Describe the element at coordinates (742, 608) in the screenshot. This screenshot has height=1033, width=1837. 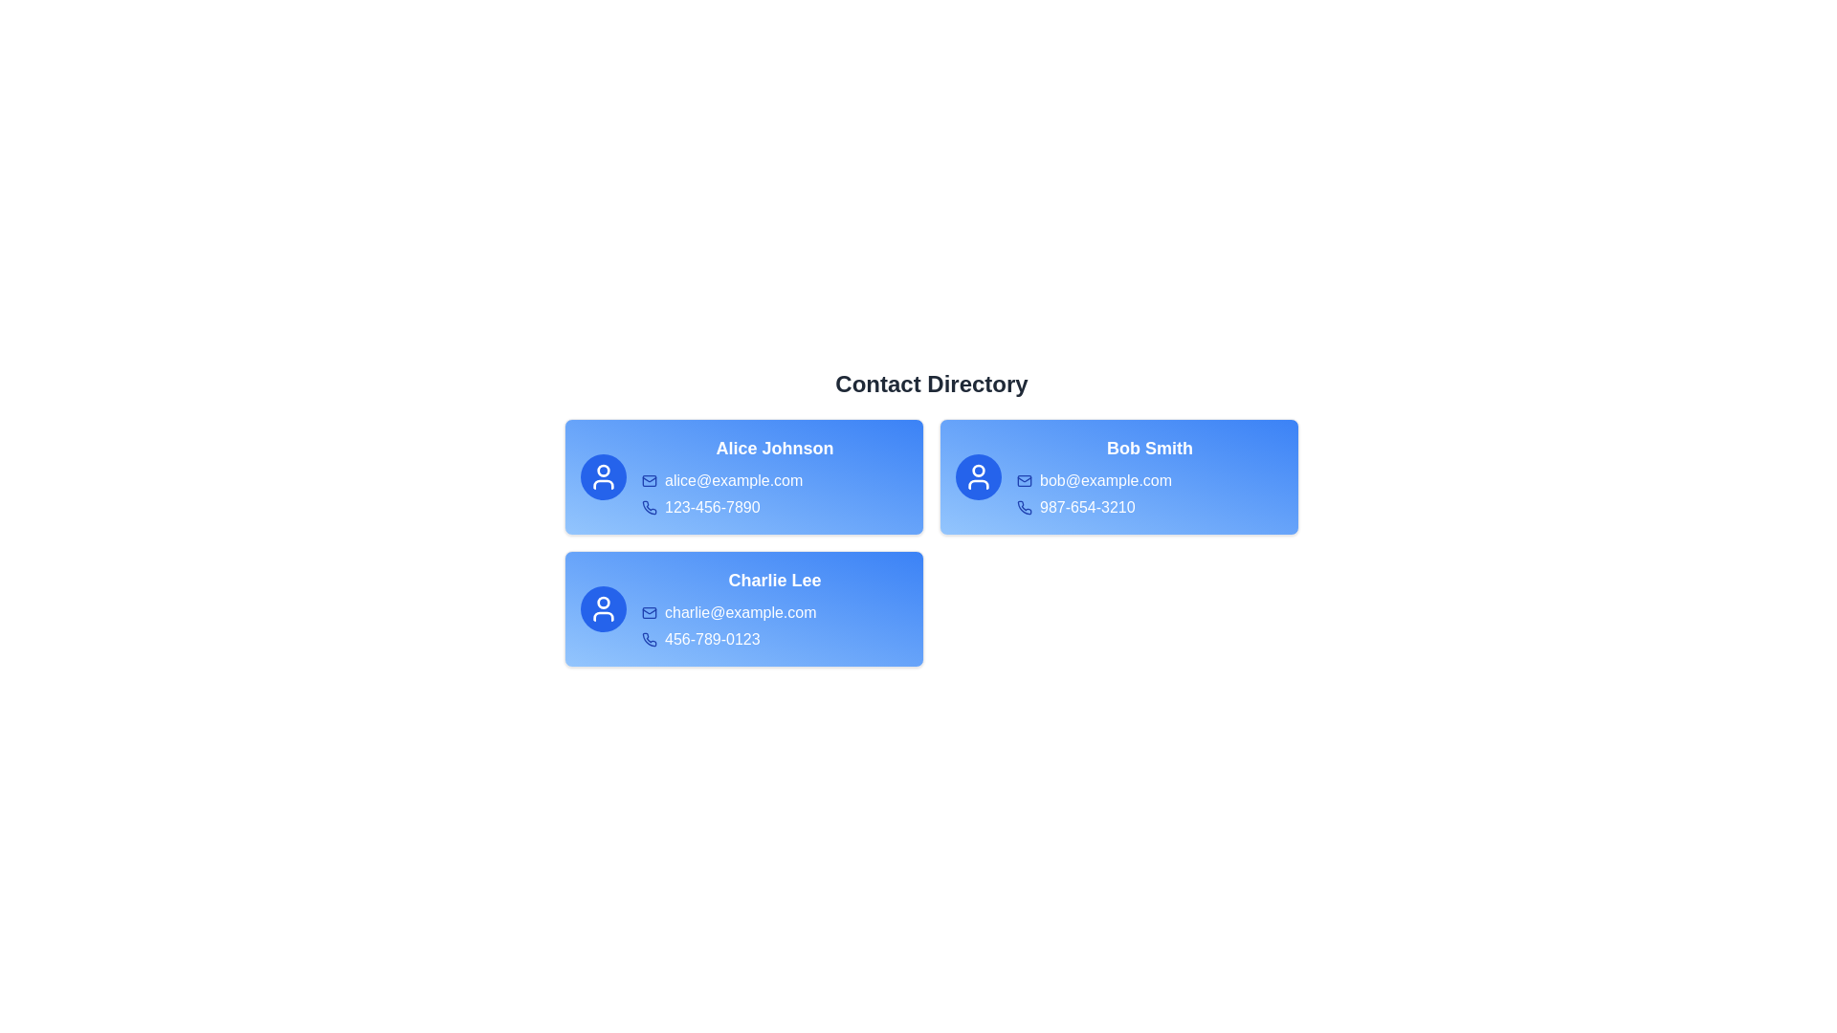
I see `the contact card for Charlie Lee` at that location.